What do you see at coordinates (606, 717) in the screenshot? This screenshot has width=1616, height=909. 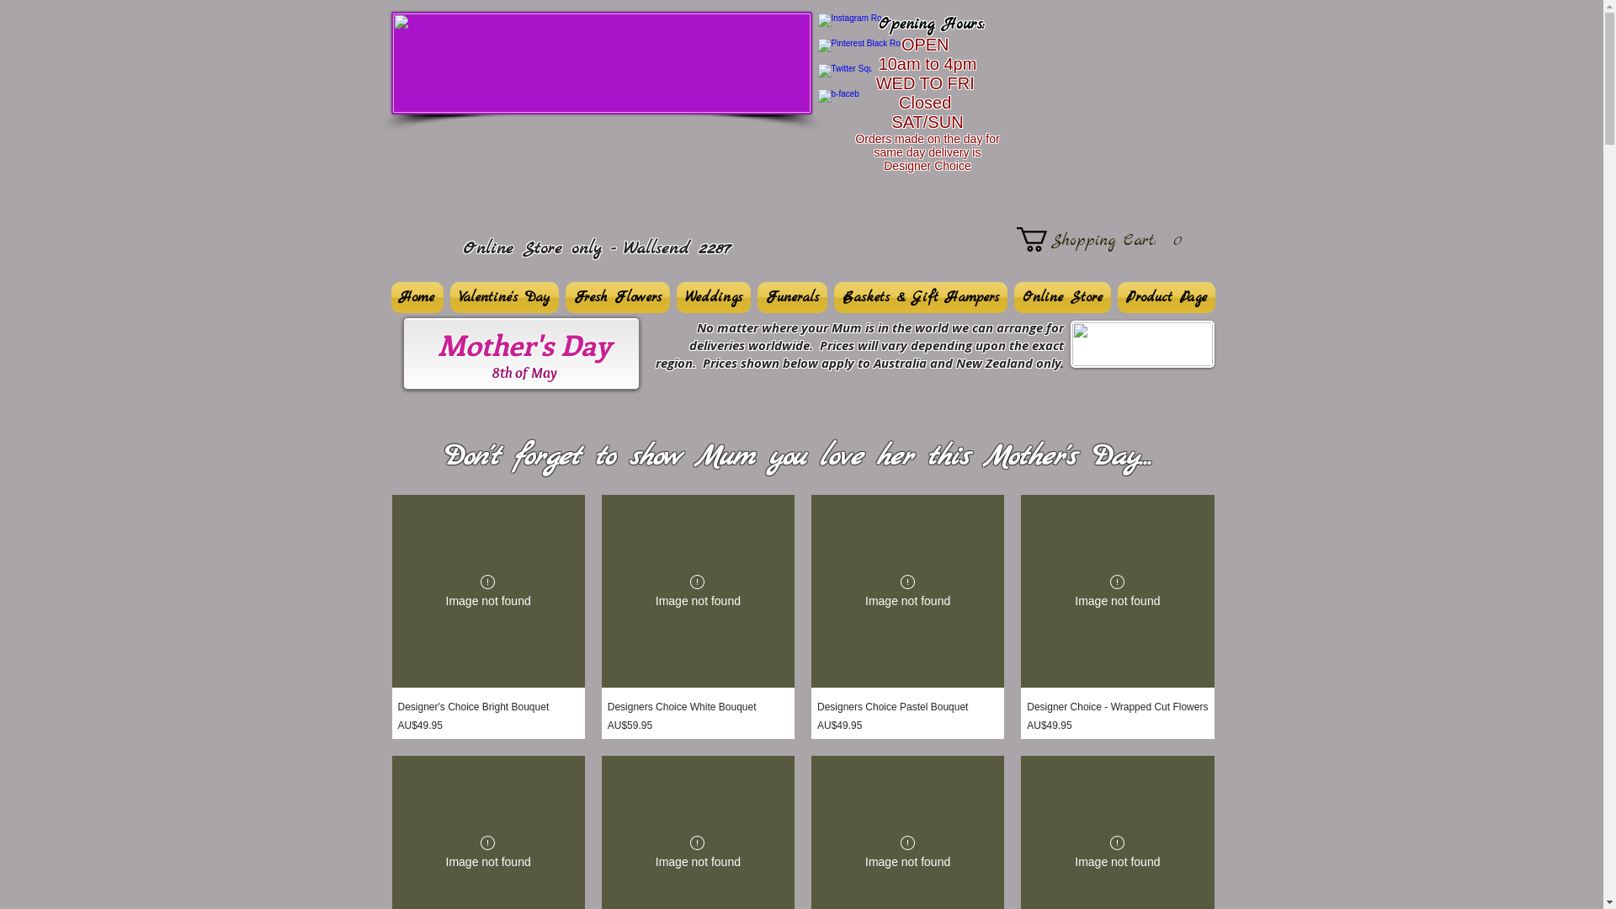 I see `'Designers Choice White Bouquet` at bounding box center [606, 717].